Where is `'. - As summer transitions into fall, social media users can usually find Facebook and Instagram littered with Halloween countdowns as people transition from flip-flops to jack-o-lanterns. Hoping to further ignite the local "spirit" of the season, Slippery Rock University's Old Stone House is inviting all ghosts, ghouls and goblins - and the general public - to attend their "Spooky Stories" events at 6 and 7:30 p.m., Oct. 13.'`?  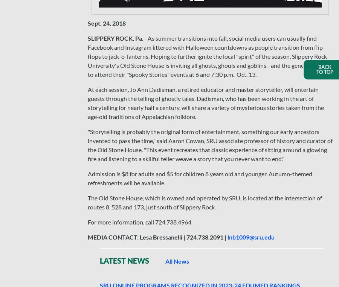 '. - As summer transitions into fall, social media users can usually find Facebook and Instagram littered with Halloween countdowns as people transition from flip-flops to jack-o-lanterns. Hoping to further ignite the local "spirit" of the season, Slippery Rock University's Old Stone House is inviting all ghosts, ghouls and goblins - and the general public - to attend their "Spooky Stories" events at 6 and 7:30 p.m., Oct. 13.' is located at coordinates (209, 56).